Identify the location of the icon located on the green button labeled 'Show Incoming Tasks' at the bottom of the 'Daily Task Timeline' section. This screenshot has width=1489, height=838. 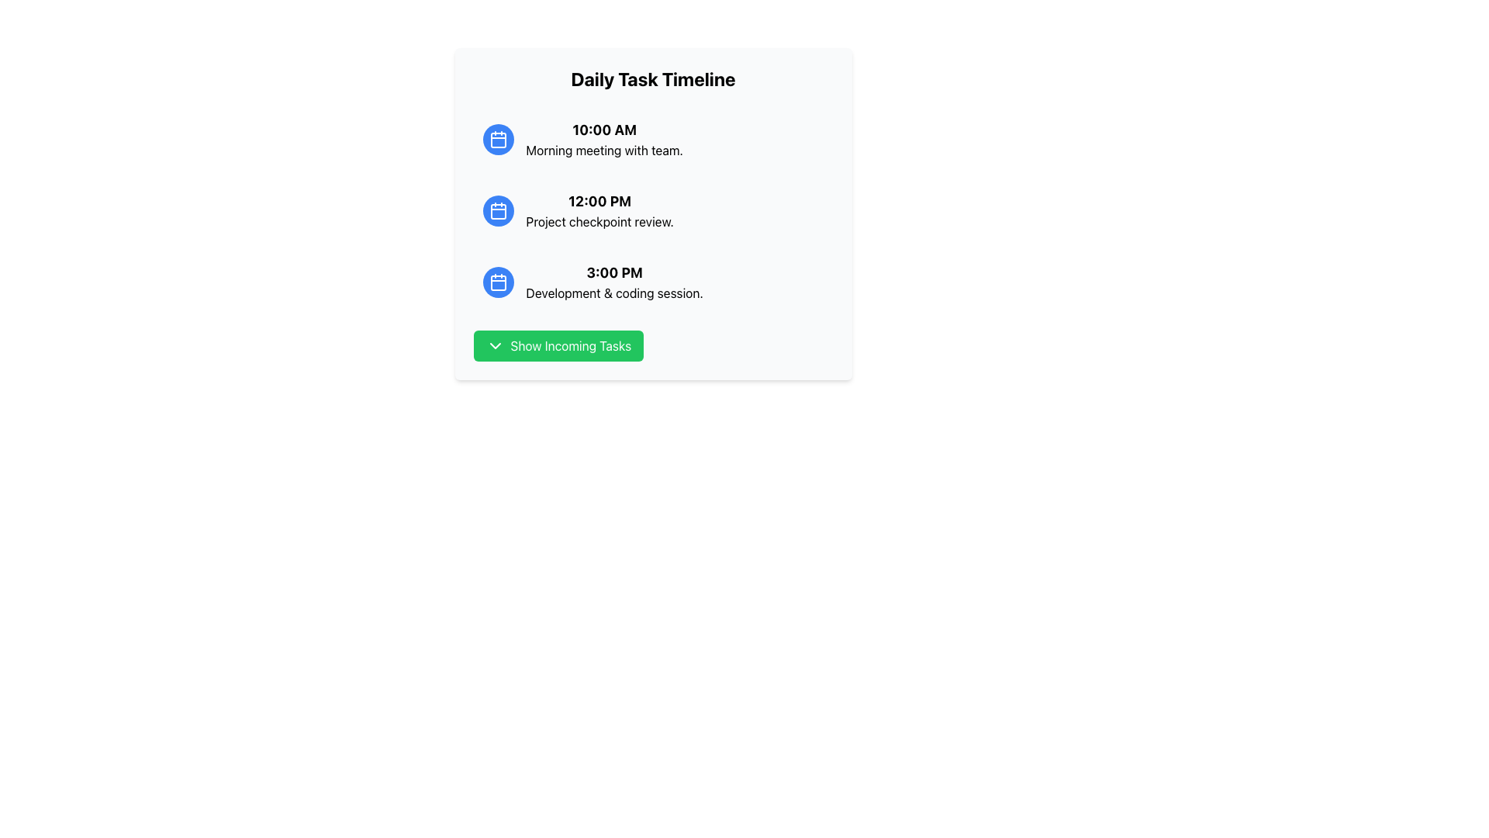
(494, 345).